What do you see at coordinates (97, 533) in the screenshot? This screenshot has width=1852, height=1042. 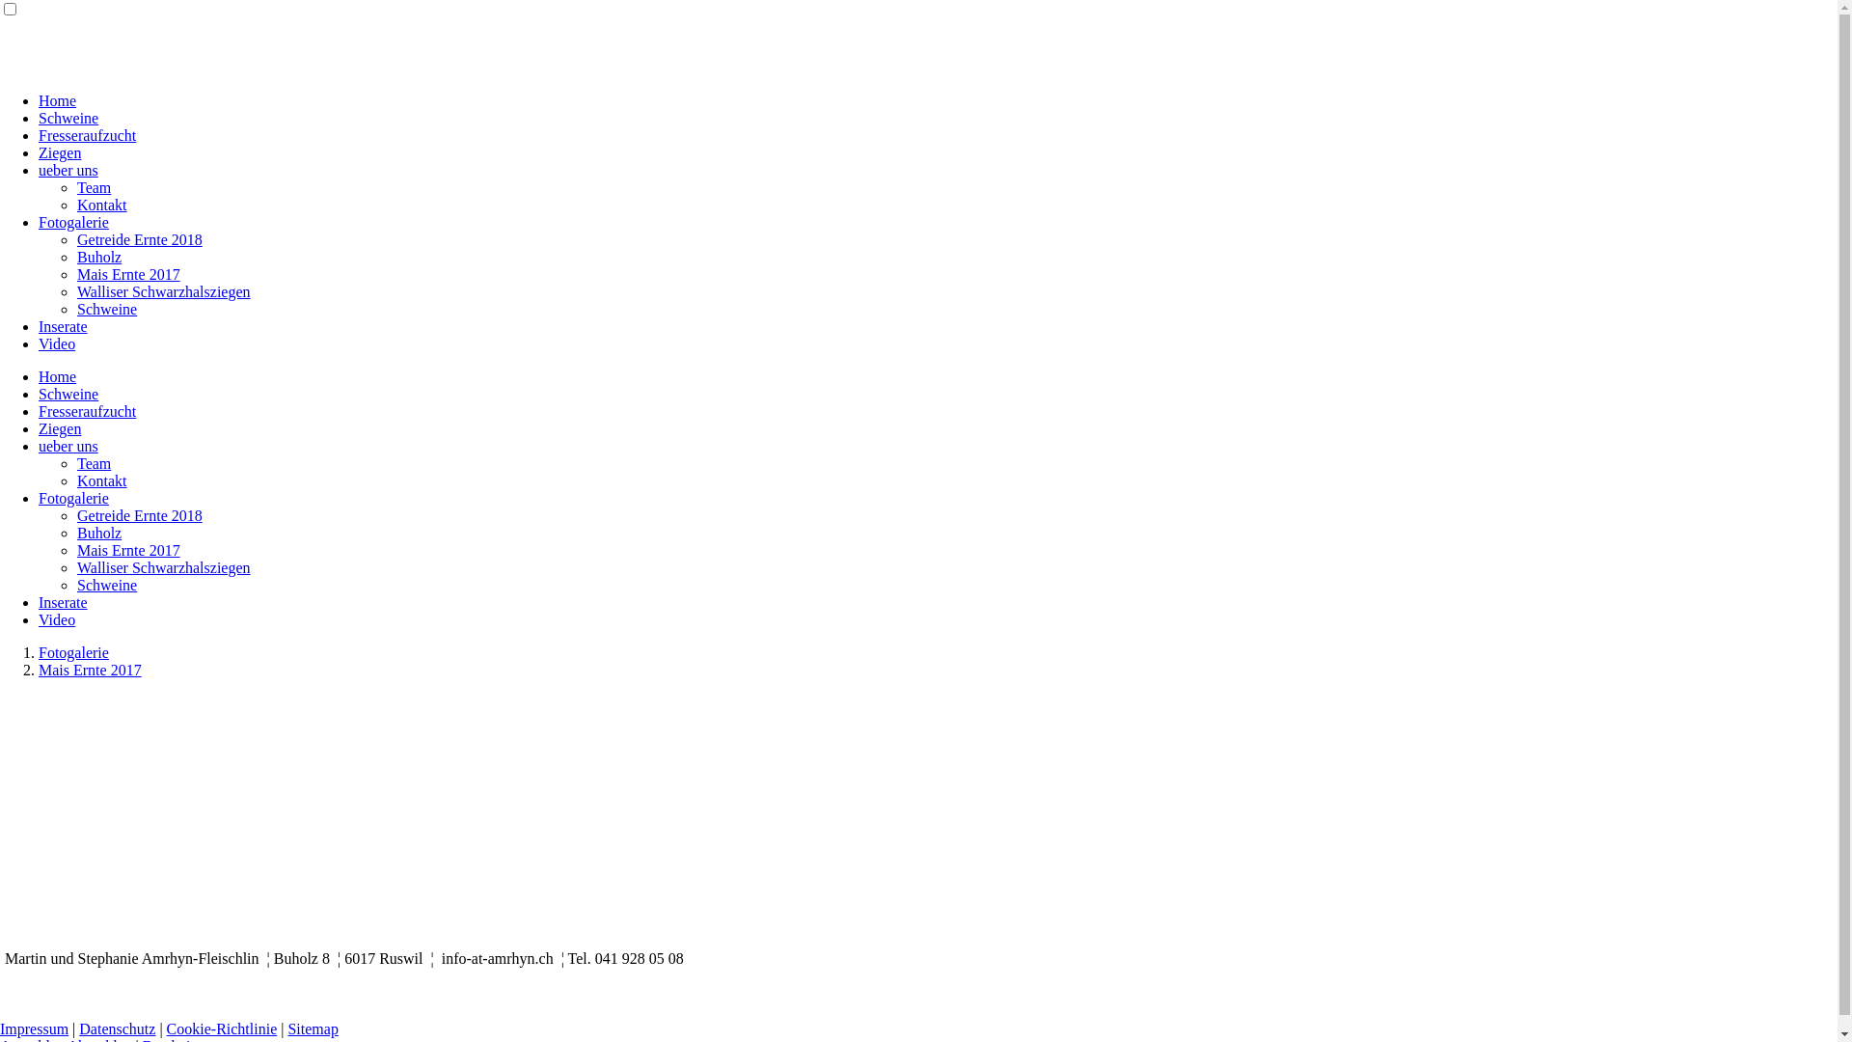 I see `'Buholz'` at bounding box center [97, 533].